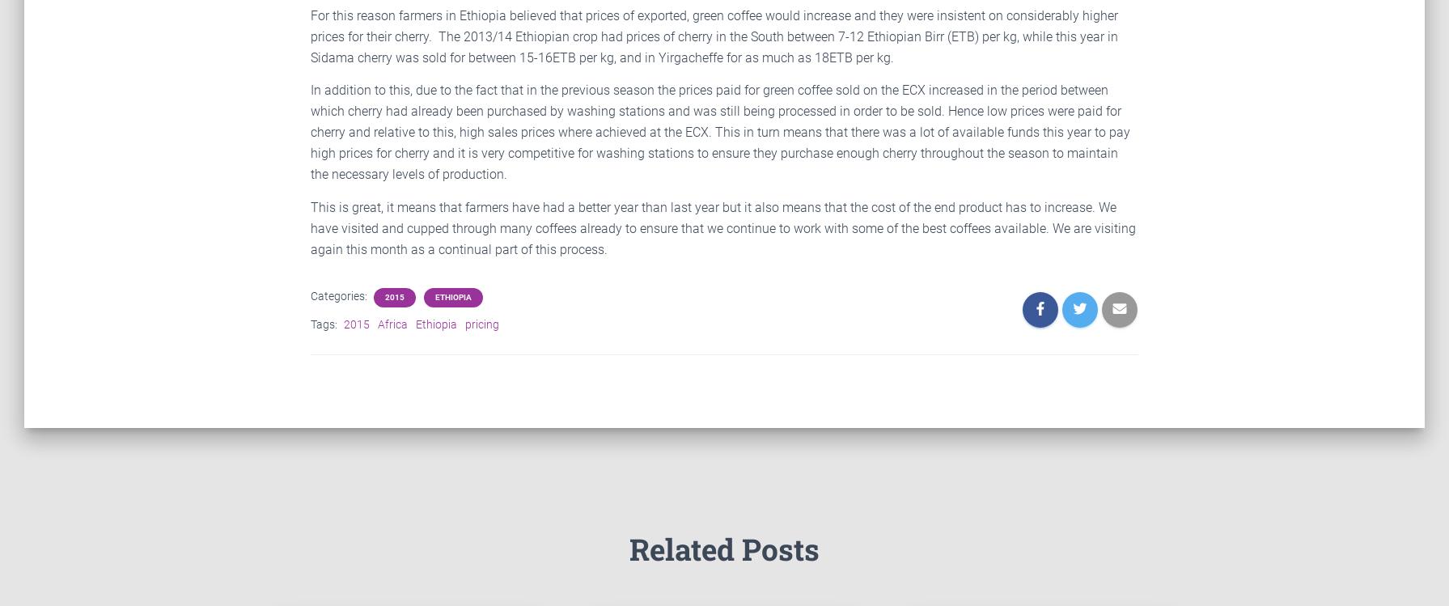 This screenshot has height=606, width=1449. What do you see at coordinates (377, 324) in the screenshot?
I see `'Africa'` at bounding box center [377, 324].